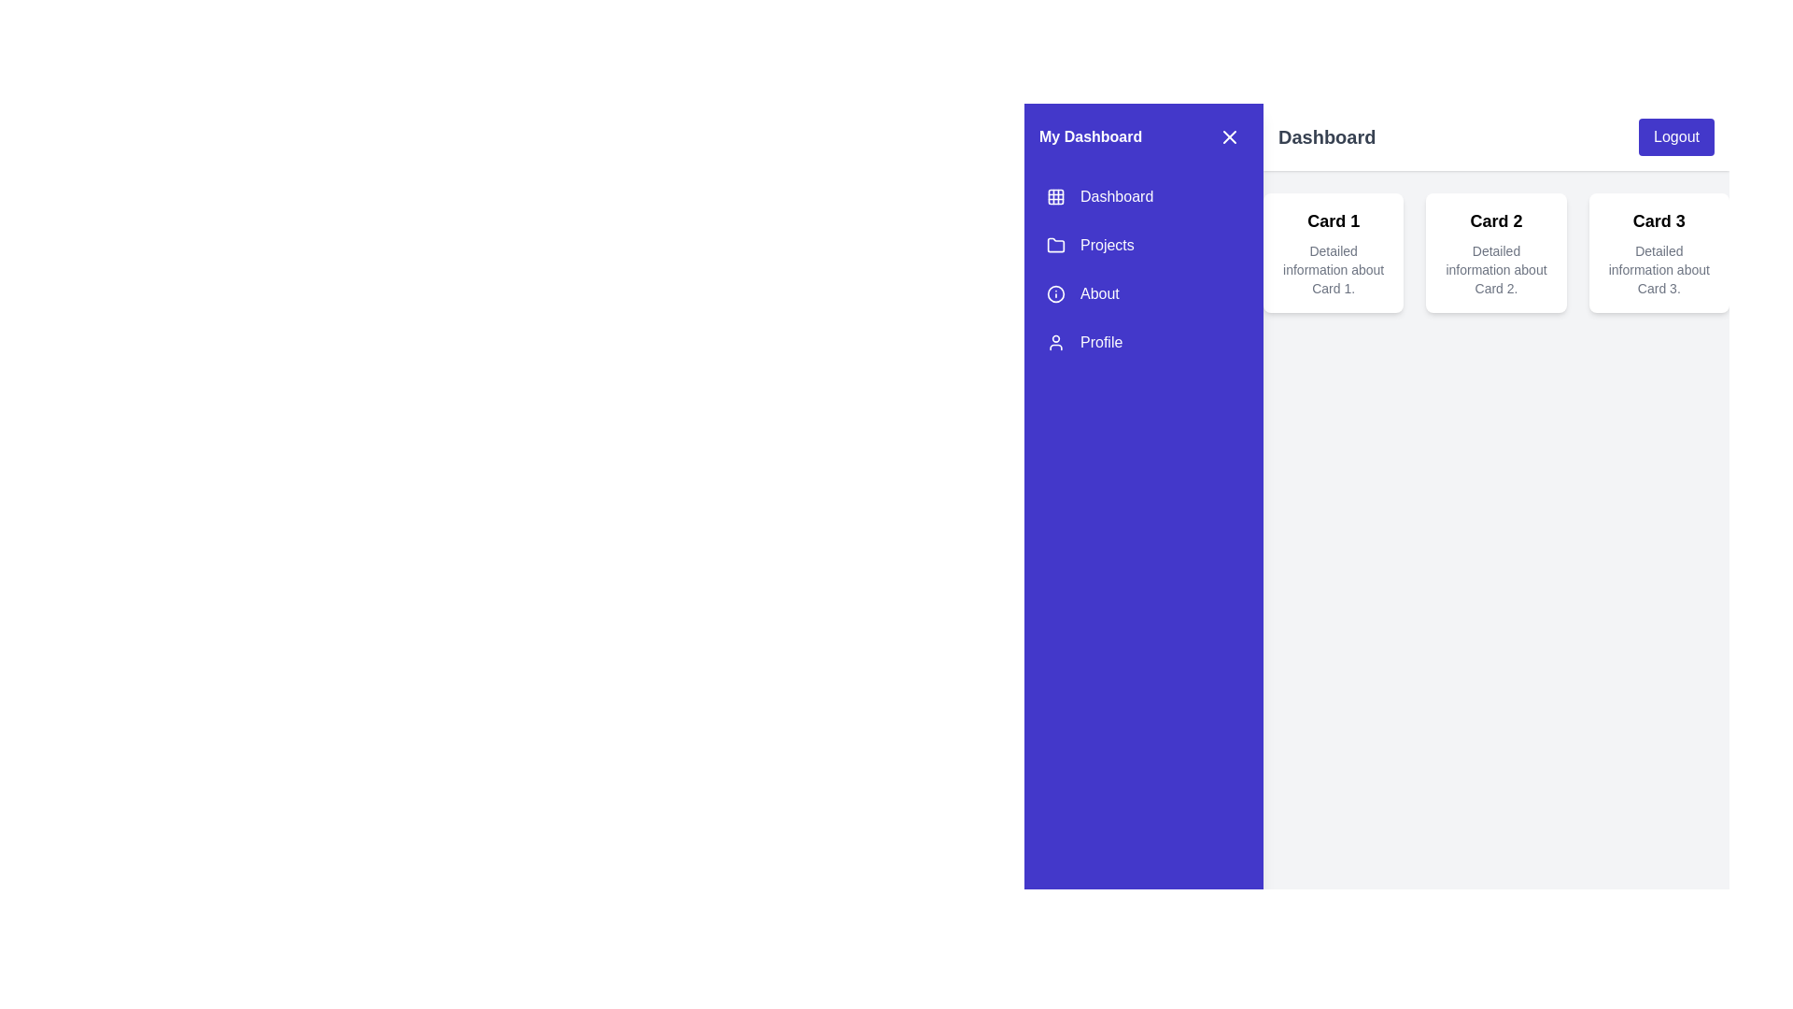 This screenshot has width=1793, height=1009. I want to click on the small, square-shaped grid icon in the top-left corner of the dashboard menu panel, so click(1056, 197).